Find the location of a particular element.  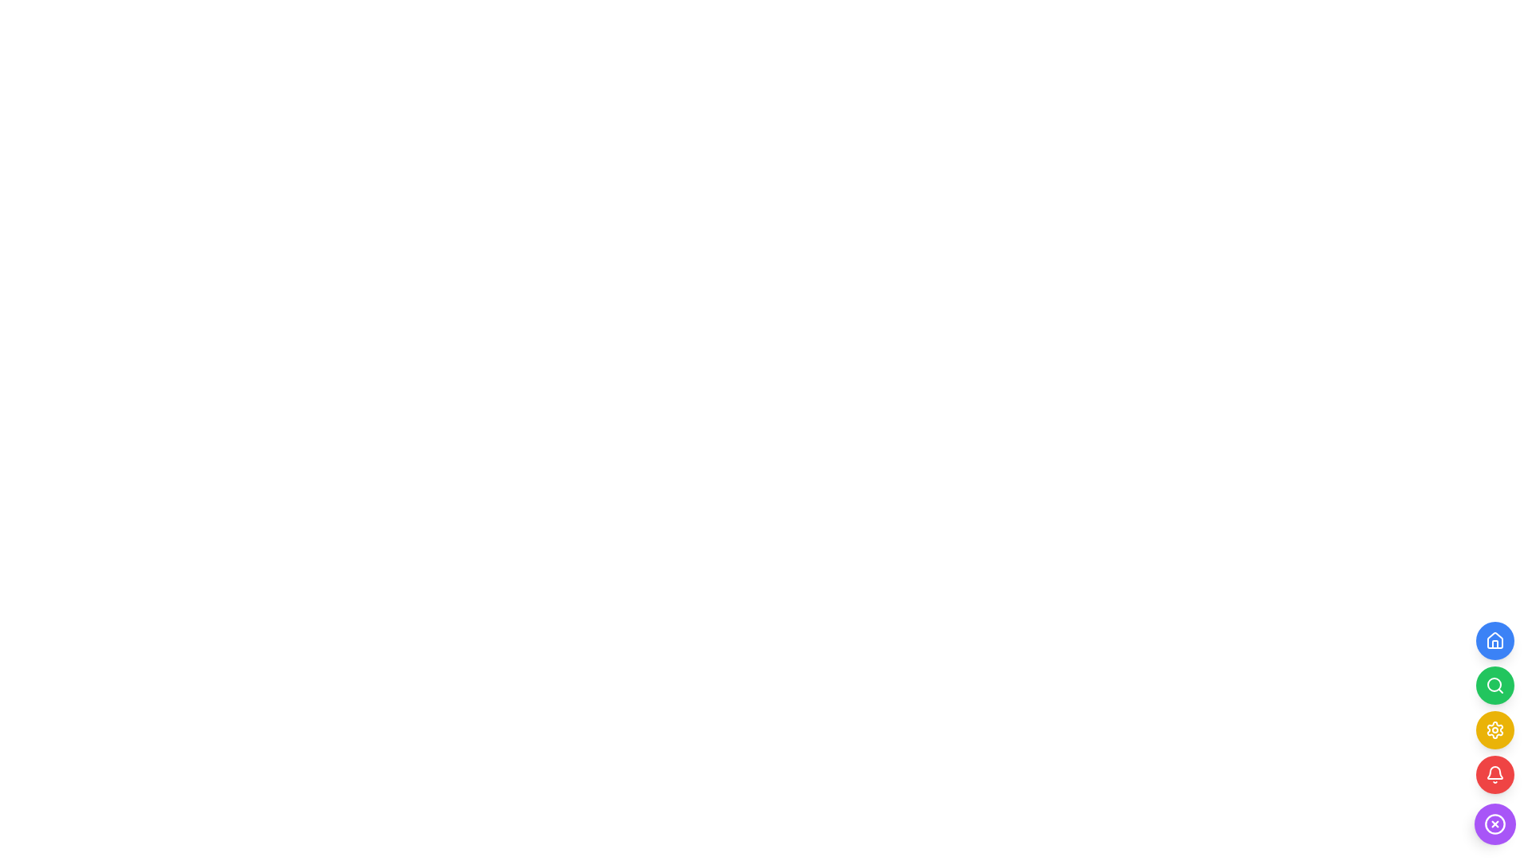

the circular green button with a magnifying glass icon is located at coordinates (1494, 685).